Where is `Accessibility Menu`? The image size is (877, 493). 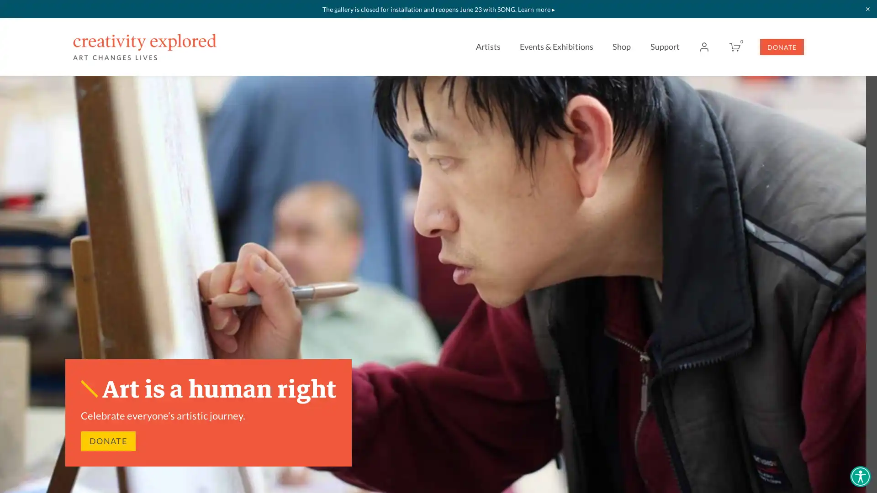
Accessibility Menu is located at coordinates (860, 476).